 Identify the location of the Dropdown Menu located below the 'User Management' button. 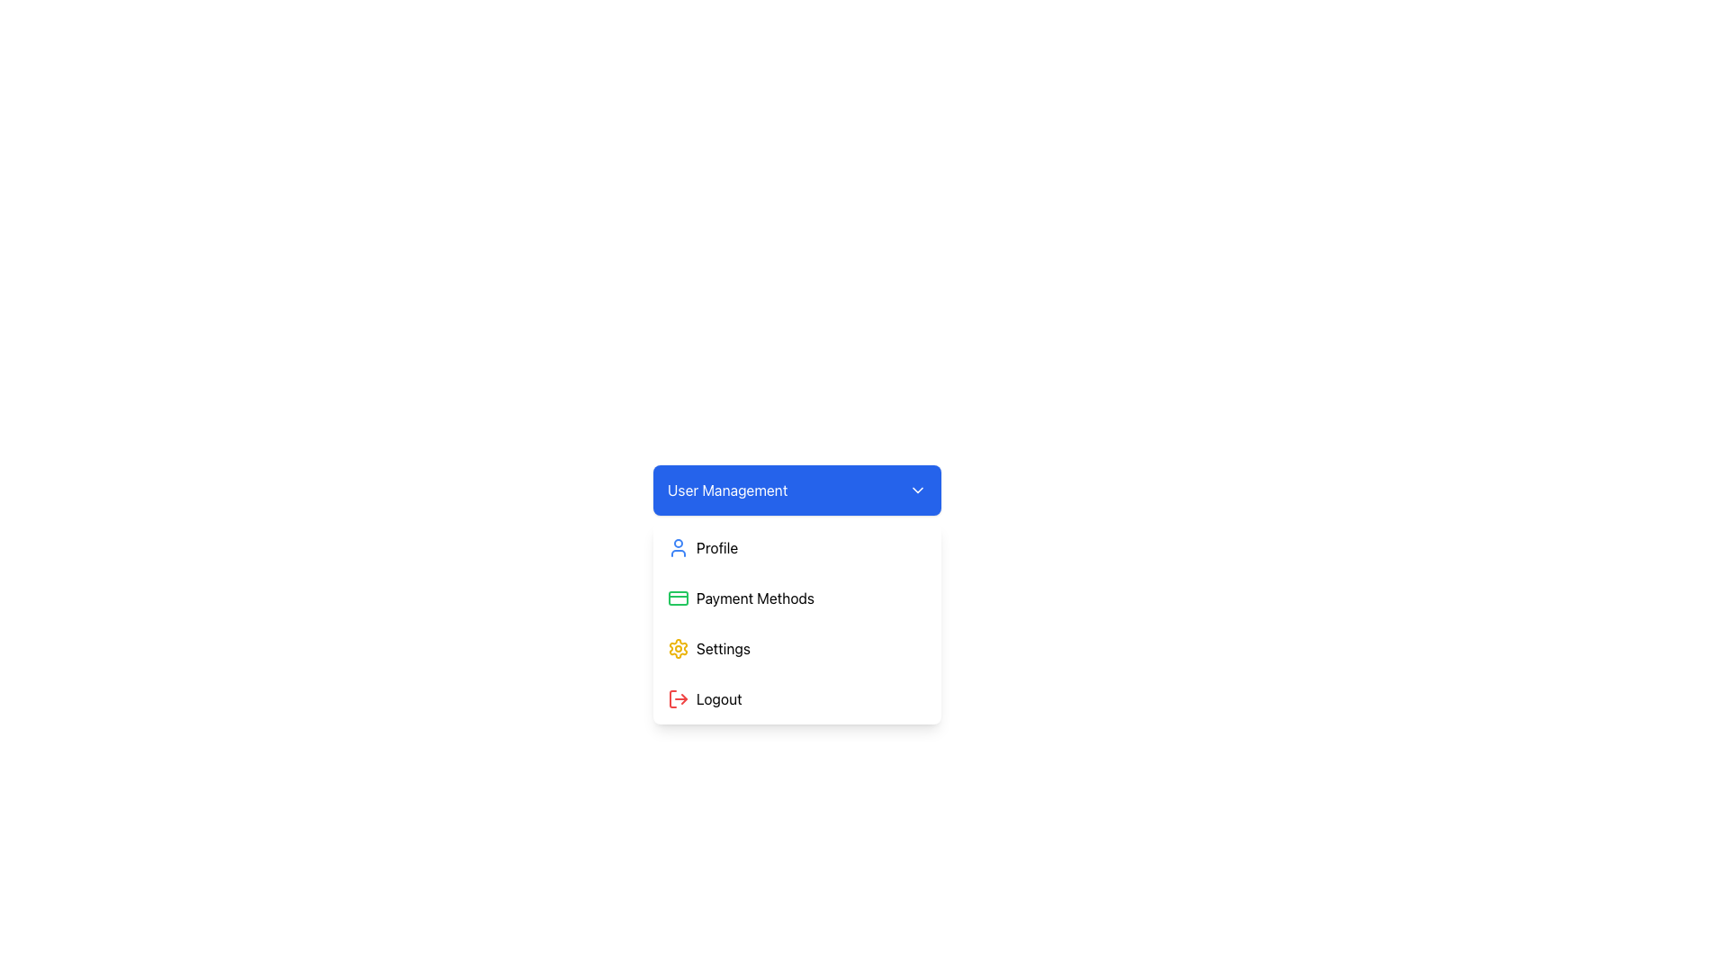
(796, 623).